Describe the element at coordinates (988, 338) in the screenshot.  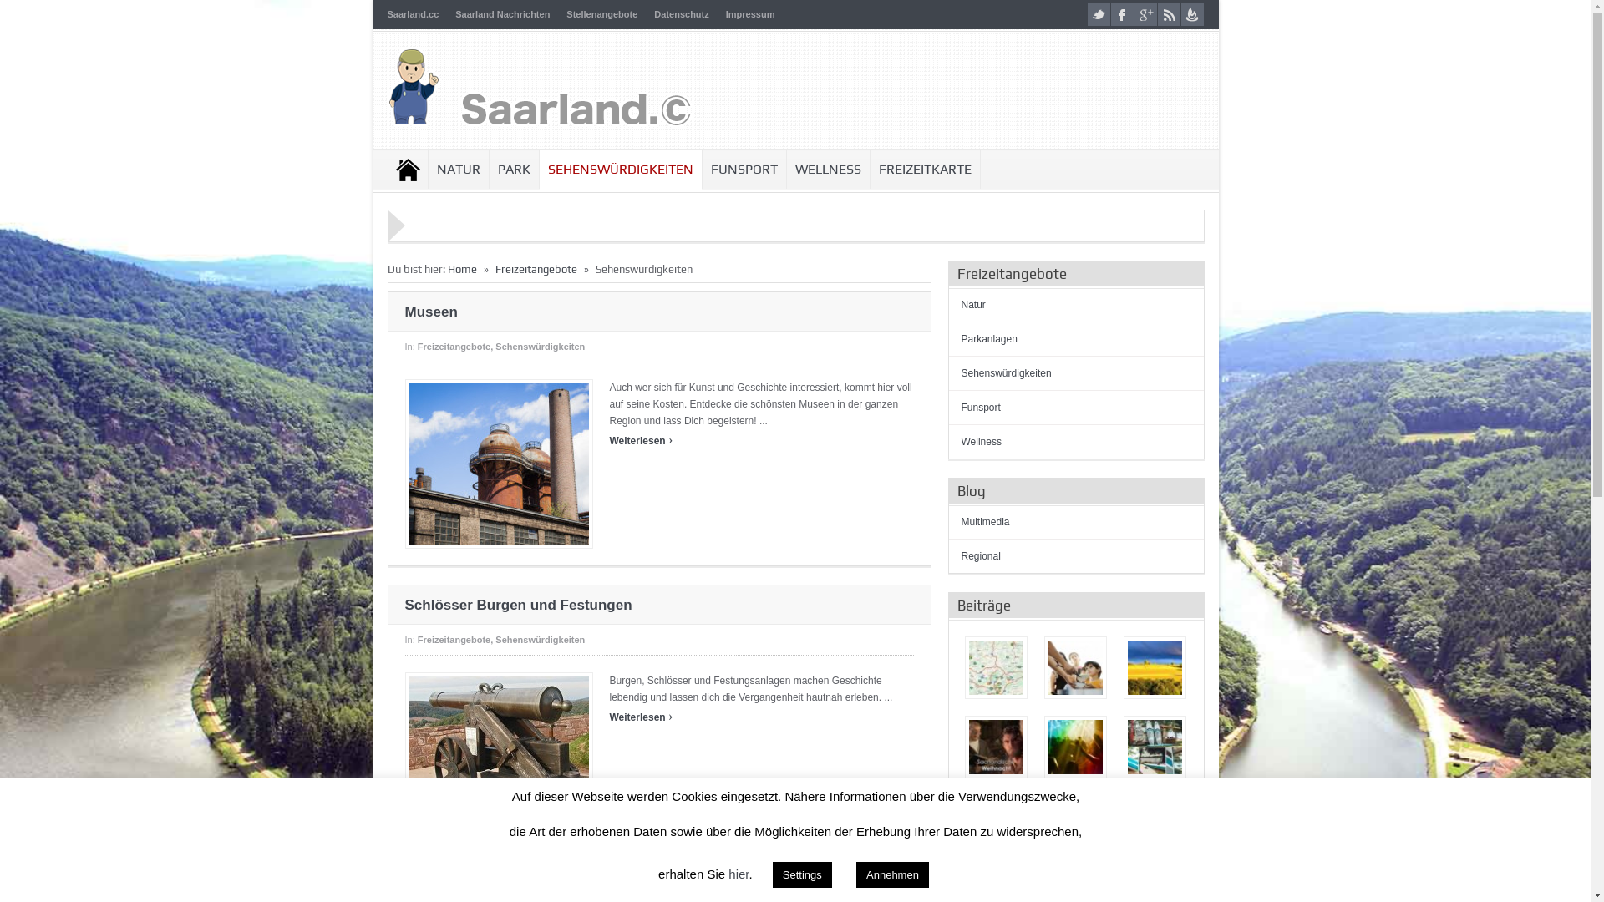
I see `'Parkanlagen'` at that location.